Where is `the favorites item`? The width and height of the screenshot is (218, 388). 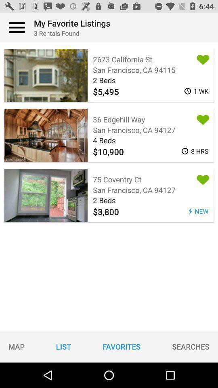 the favorites item is located at coordinates (121, 346).